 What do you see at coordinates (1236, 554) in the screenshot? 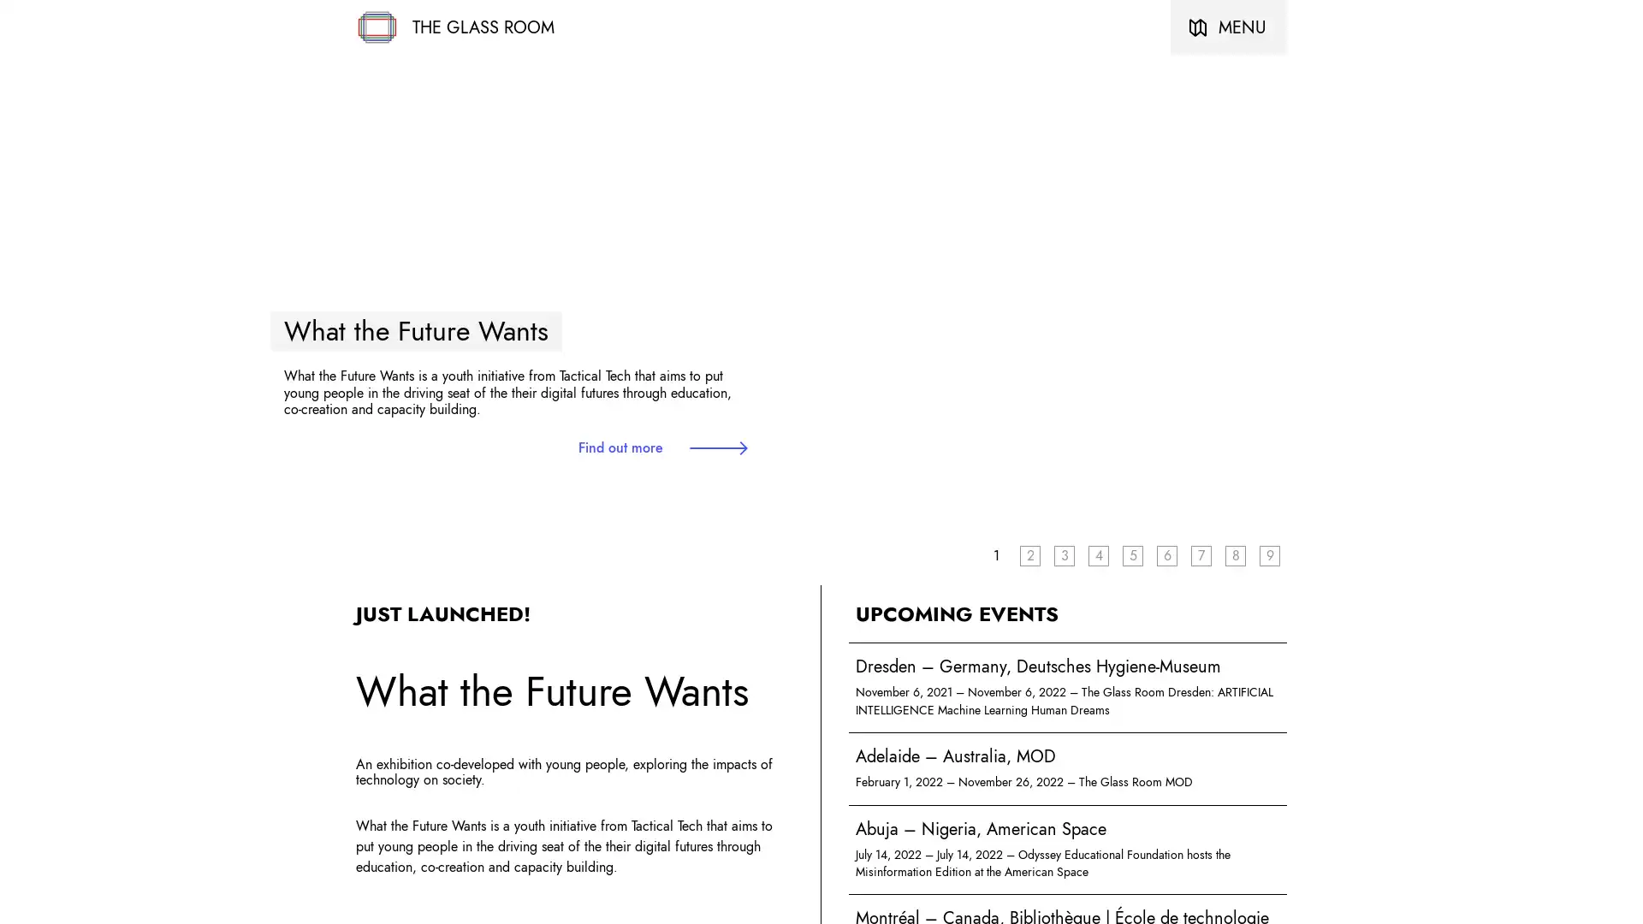
I see `slide item 8` at bounding box center [1236, 554].